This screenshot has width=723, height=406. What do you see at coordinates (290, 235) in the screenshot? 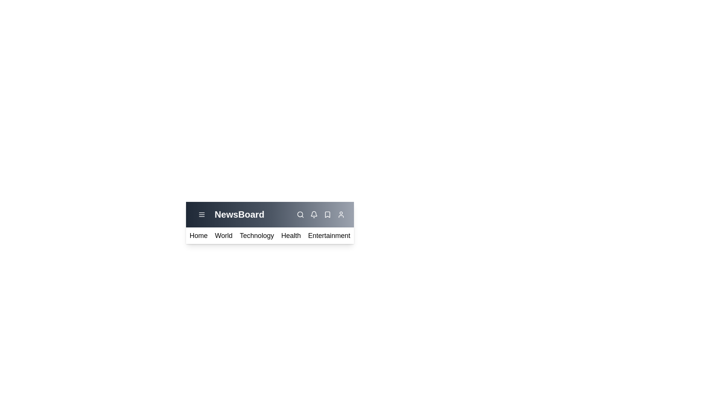
I see `the category Health from the menu` at bounding box center [290, 235].